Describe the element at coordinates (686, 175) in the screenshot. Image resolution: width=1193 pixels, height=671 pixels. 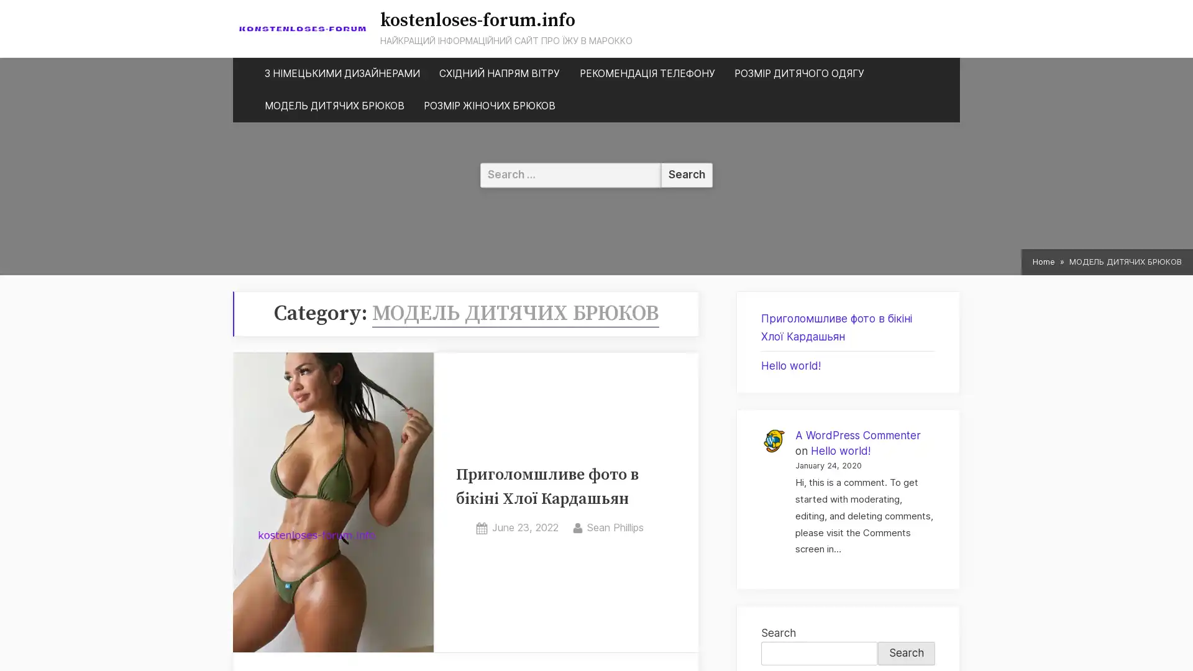
I see `Search` at that location.